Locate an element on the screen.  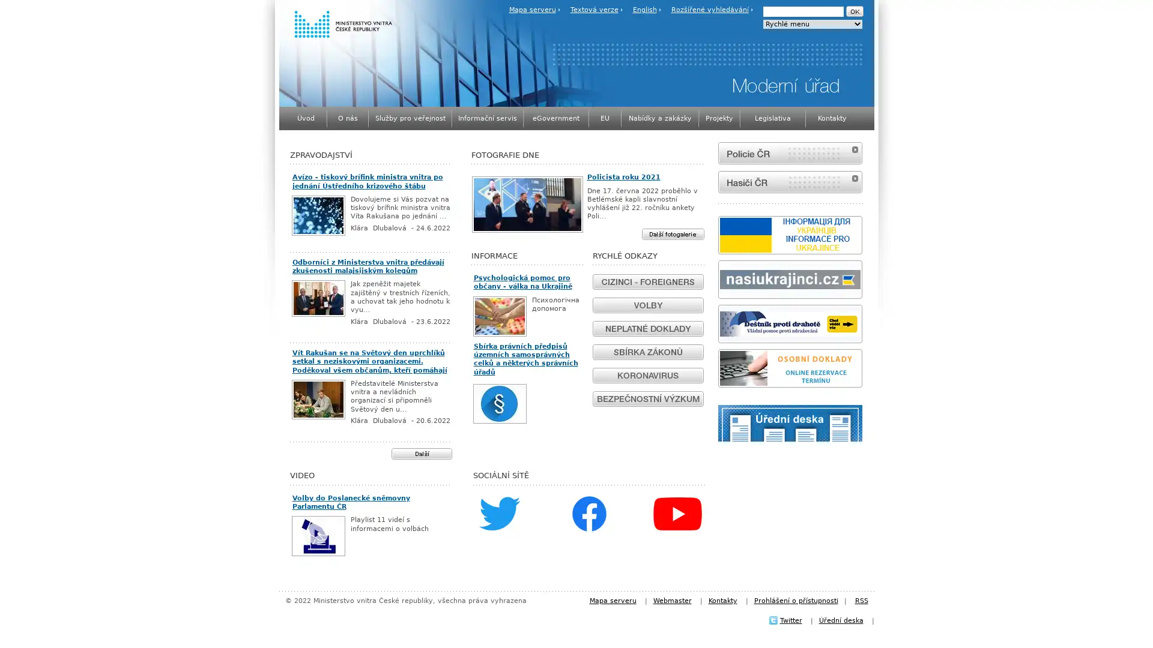
ok is located at coordinates (853, 11).